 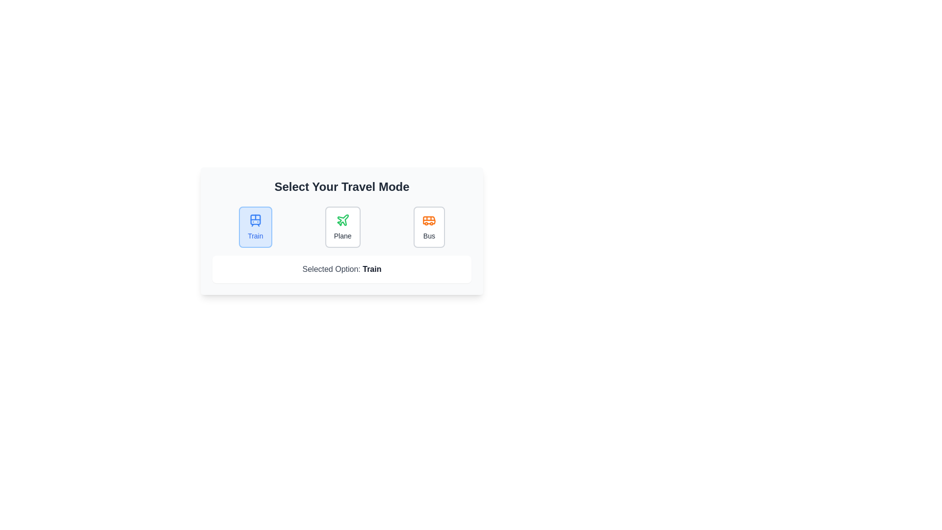 What do you see at coordinates (342, 219) in the screenshot?
I see `the airplane icon, which is outlined in green and positioned above the 'Plane' label` at bounding box center [342, 219].